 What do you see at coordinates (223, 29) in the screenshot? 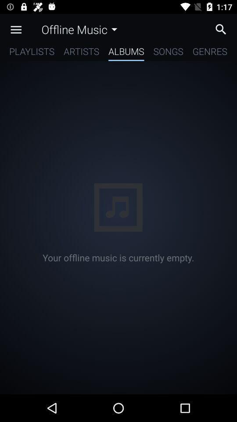
I see `search` at bounding box center [223, 29].